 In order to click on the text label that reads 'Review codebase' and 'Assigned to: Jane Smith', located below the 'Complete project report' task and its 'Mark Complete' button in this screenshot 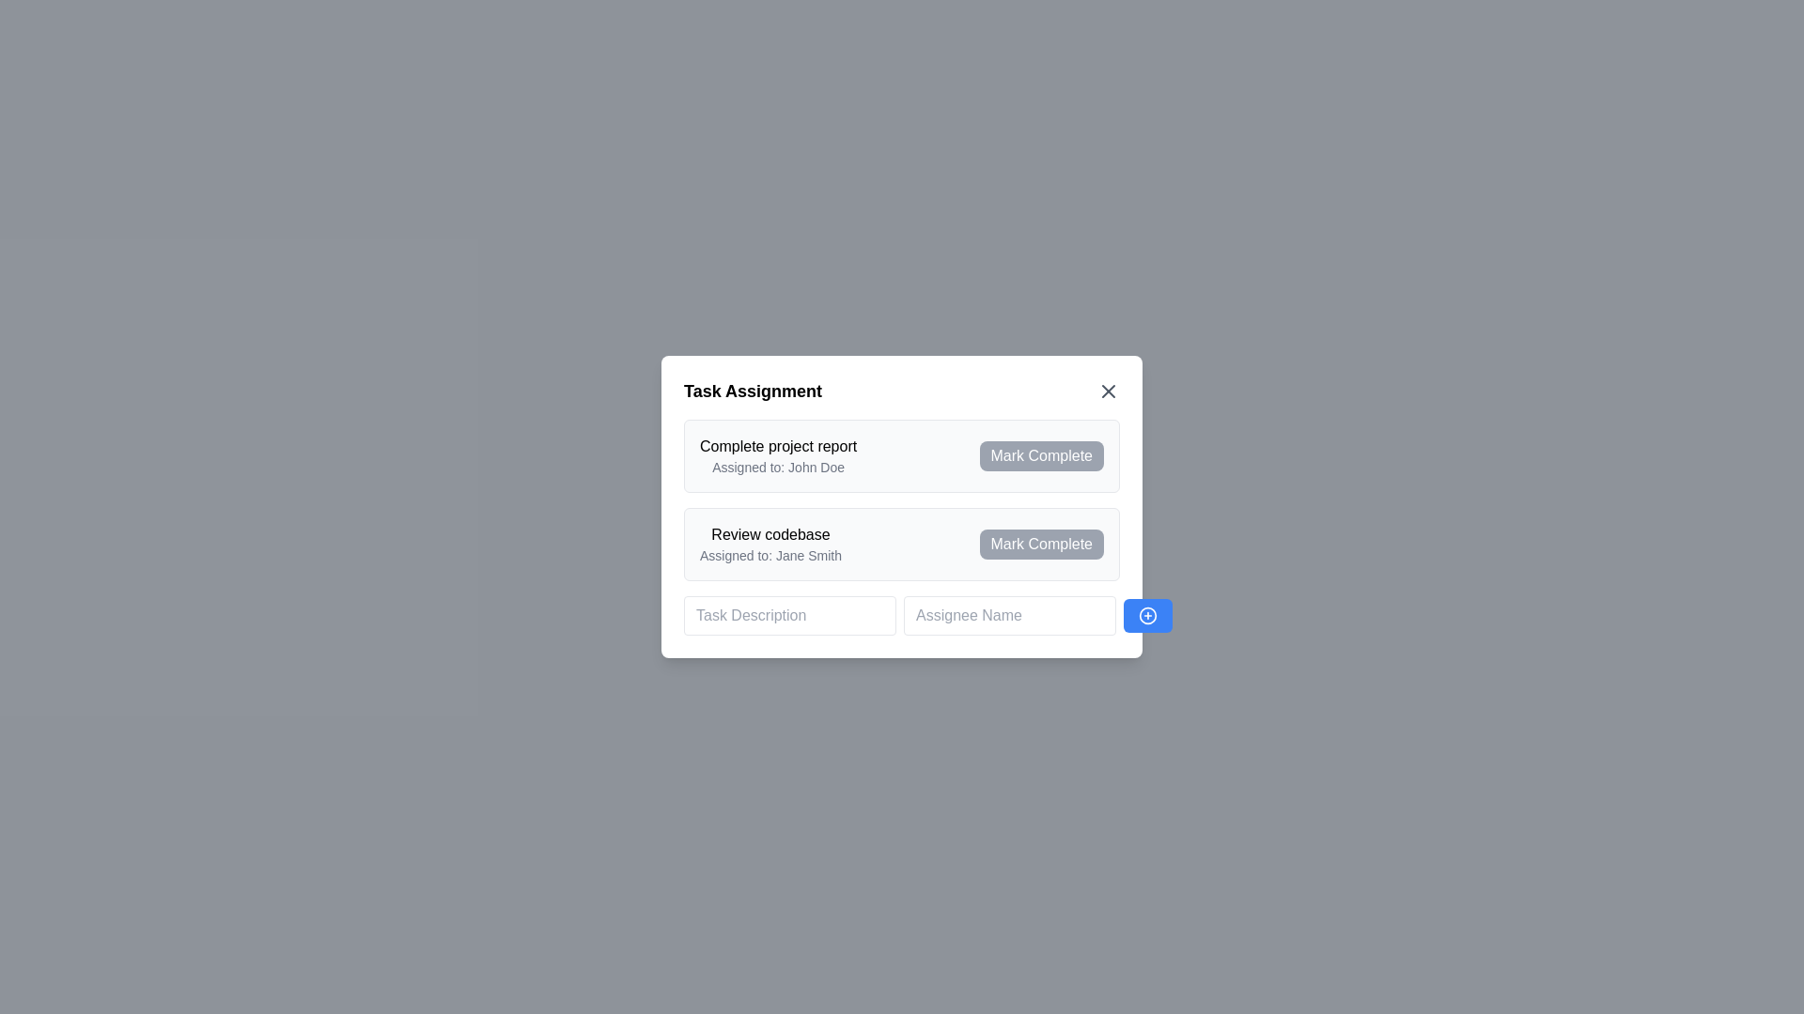, I will do `click(770, 544)`.